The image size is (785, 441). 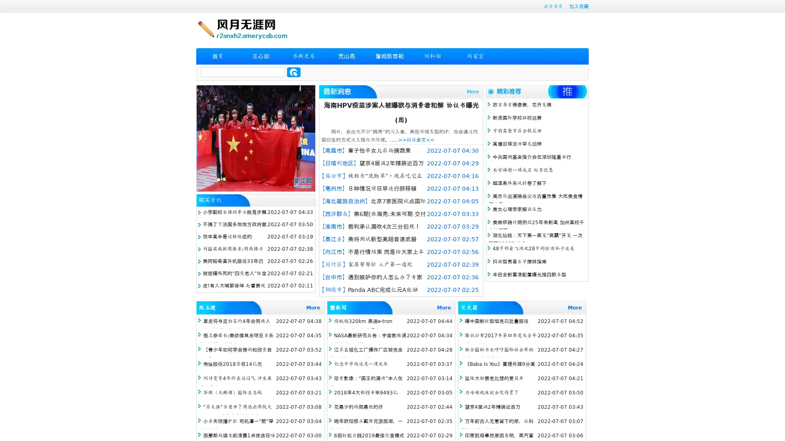 I want to click on Search, so click(x=294, y=72).